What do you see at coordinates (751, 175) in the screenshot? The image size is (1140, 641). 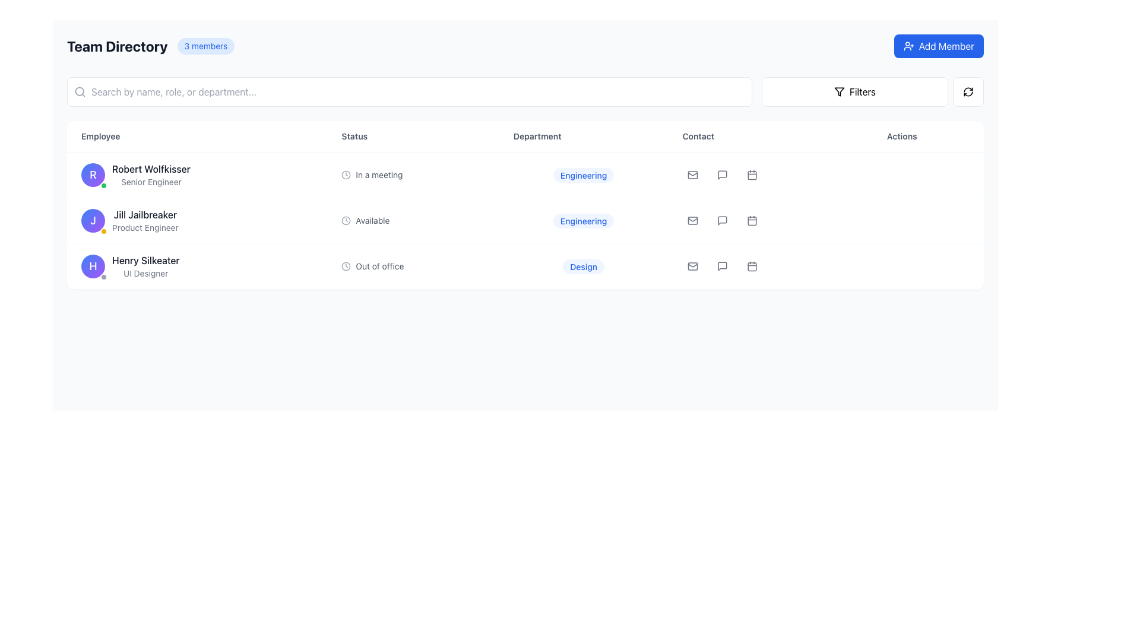 I see `the calendar icon button, which is styled with gray outlines and rounded corners, located` at bounding box center [751, 175].